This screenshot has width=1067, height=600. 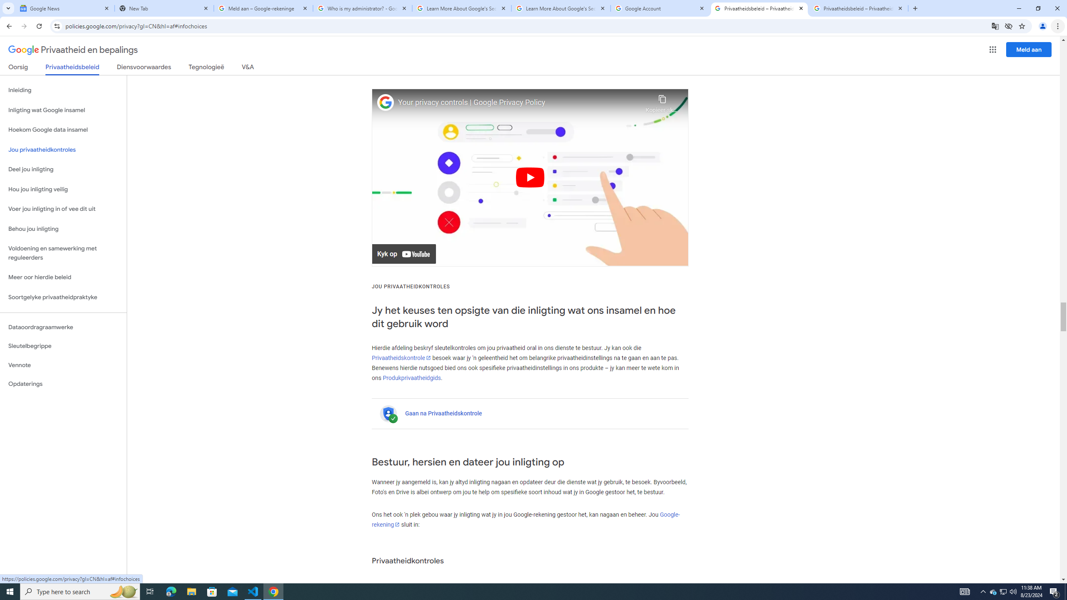 I want to click on 'New Tab', so click(x=164, y=8).